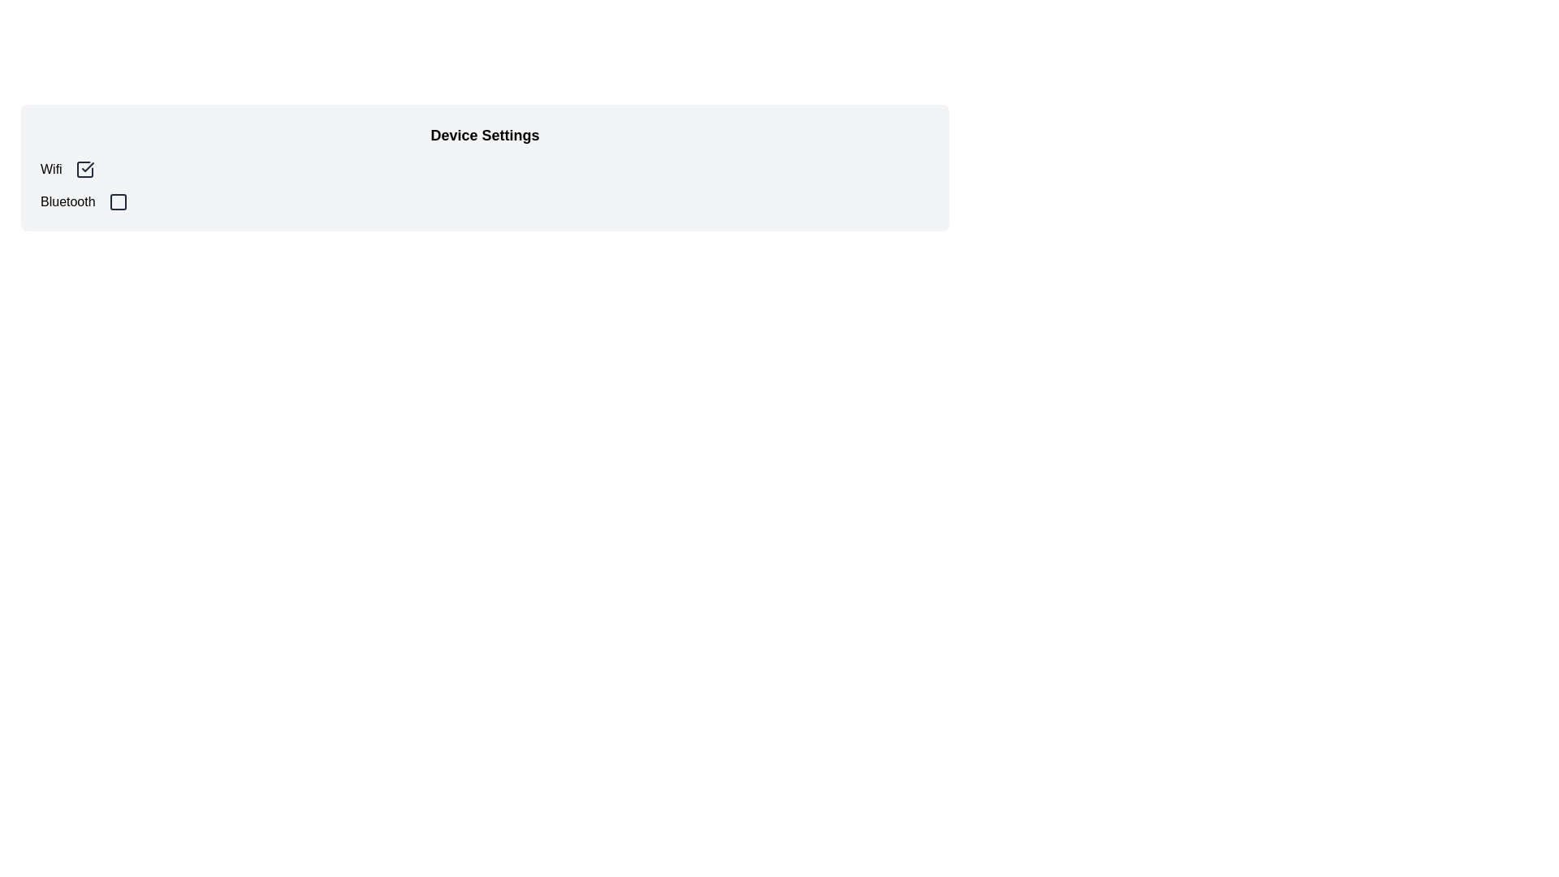  Describe the element at coordinates (117, 201) in the screenshot. I see `the square checkbox located to the right of the 'Bluetooth' label` at that location.